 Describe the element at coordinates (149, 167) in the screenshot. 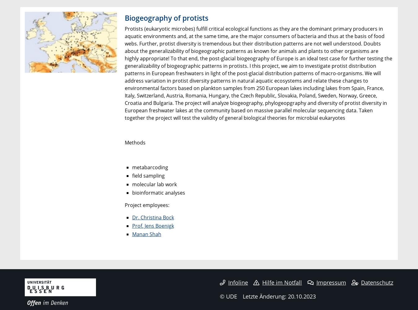

I see `'metabarcoding'` at that location.